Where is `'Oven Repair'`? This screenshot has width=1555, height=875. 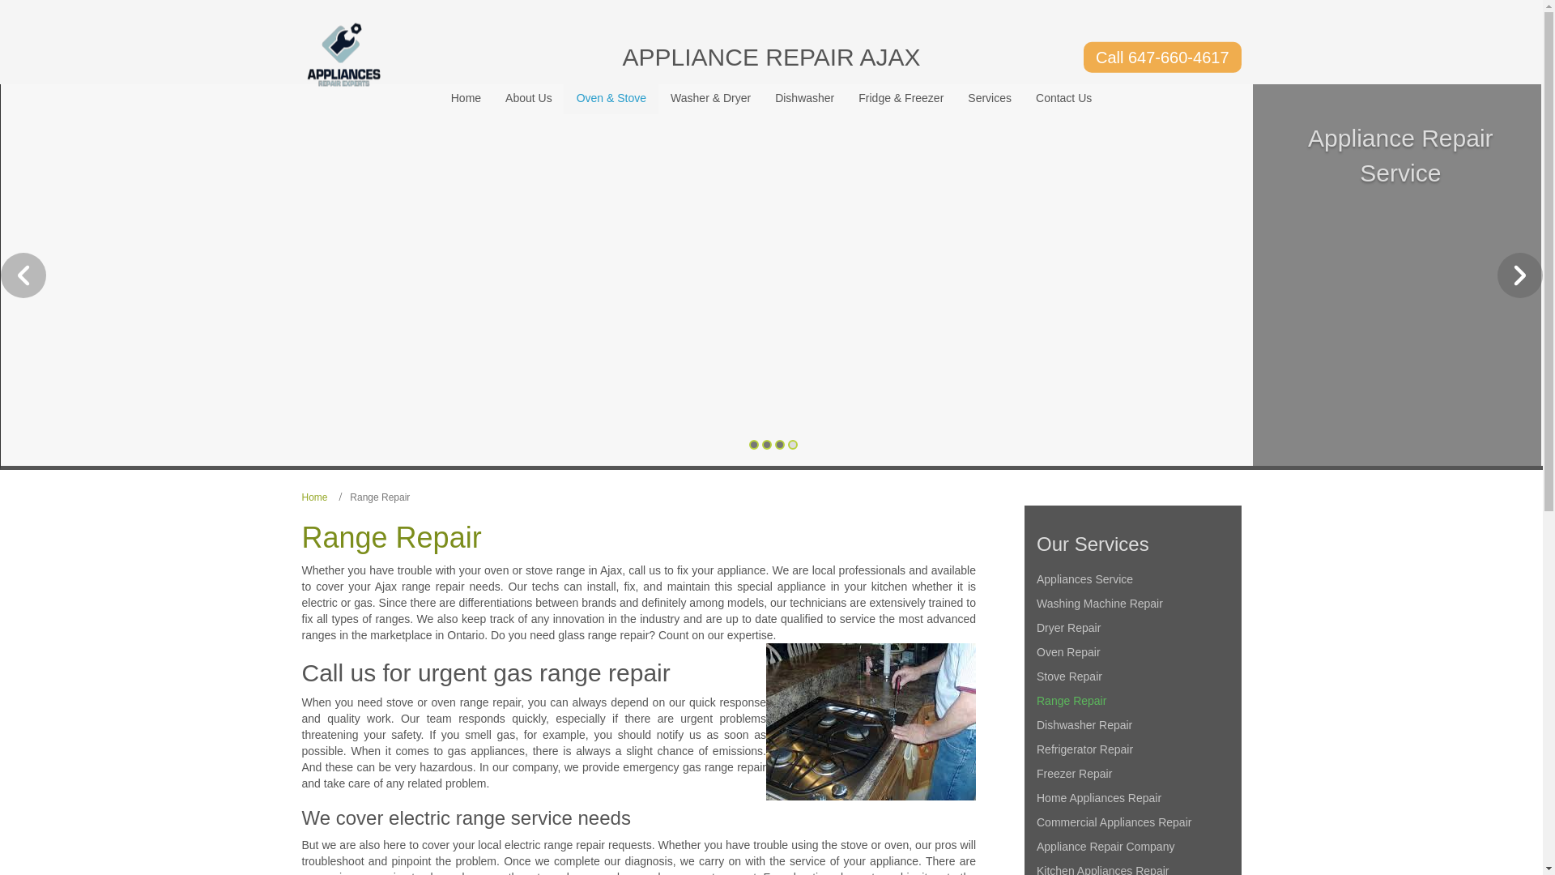
'Oven Repair' is located at coordinates (1131, 651).